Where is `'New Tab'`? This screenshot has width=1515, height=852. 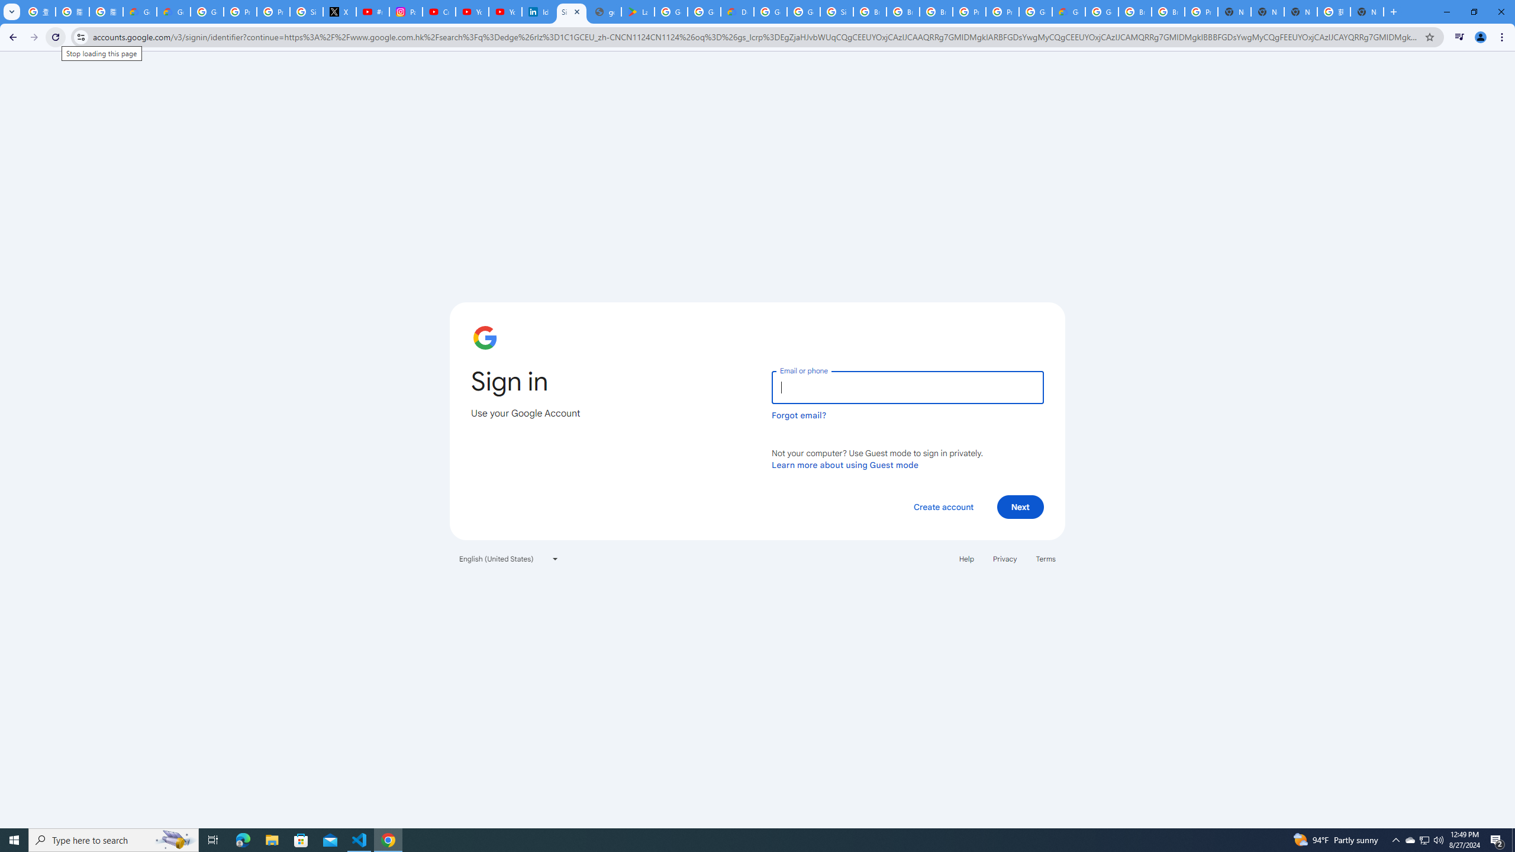
'New Tab' is located at coordinates (1367, 11).